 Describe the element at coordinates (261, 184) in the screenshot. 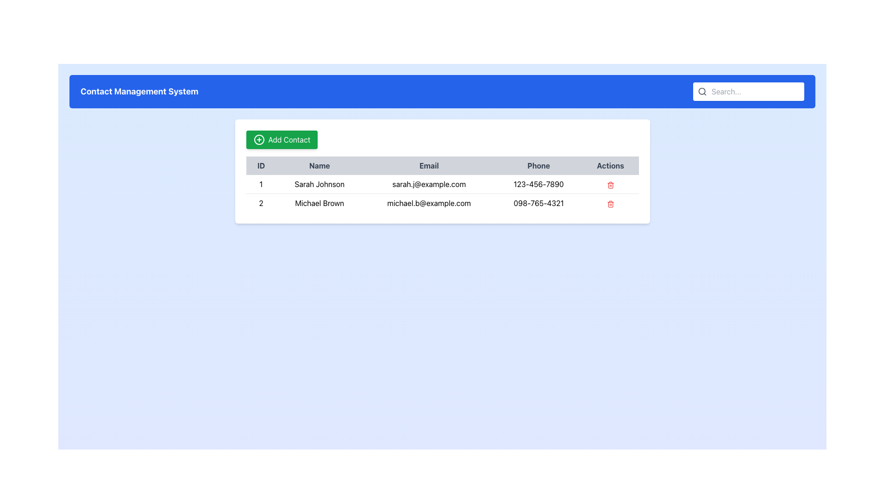

I see `the unique identifier text in the first cell of the first row of the contact table` at that location.